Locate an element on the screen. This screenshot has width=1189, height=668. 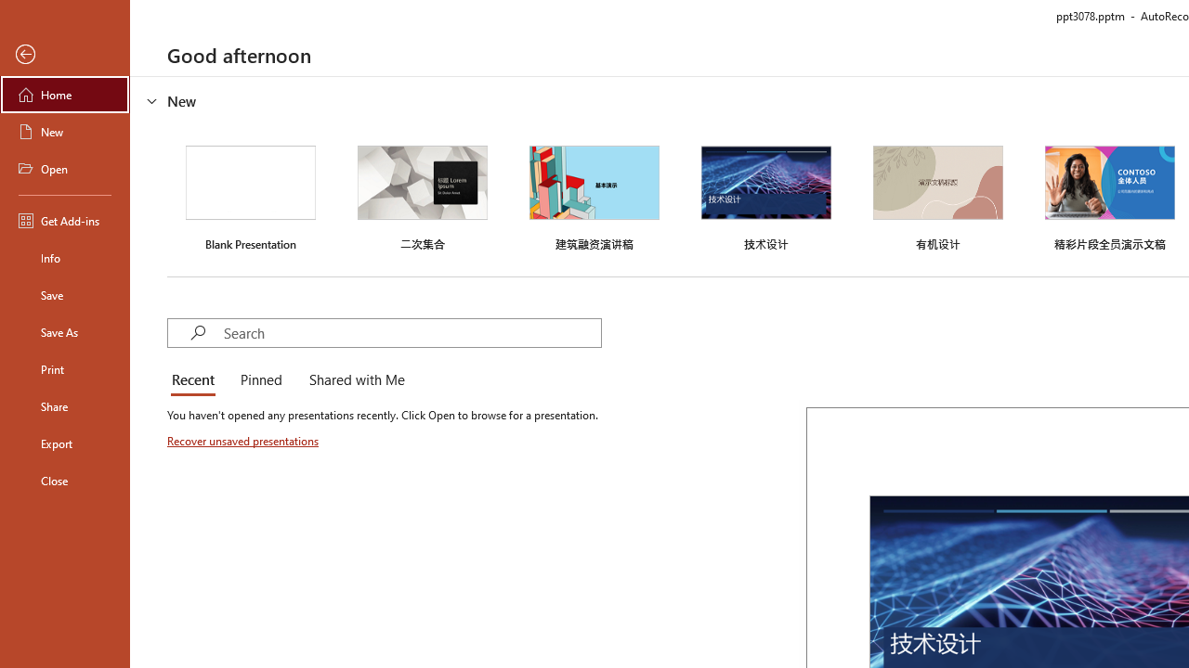
'Export' is located at coordinates (64, 443).